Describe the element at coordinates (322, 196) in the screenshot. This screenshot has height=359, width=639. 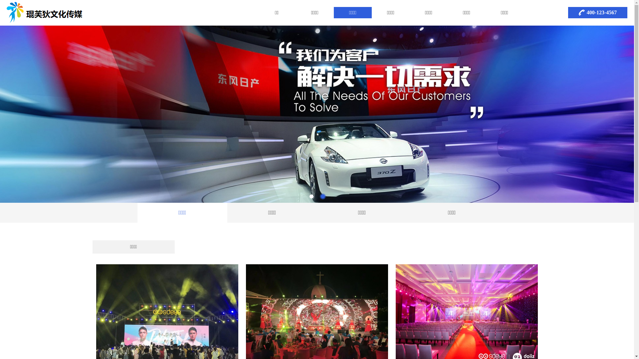
I see `'2'` at that location.